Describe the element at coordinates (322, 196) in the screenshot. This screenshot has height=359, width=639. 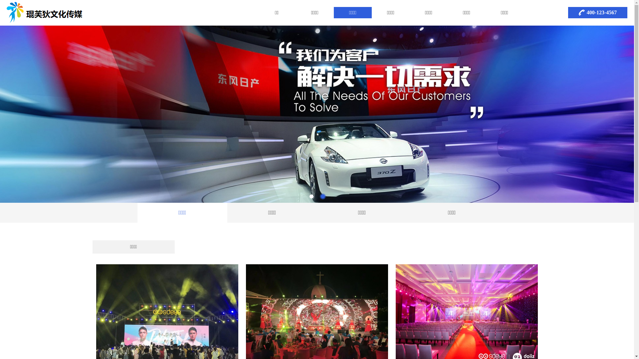
I see `'2'` at that location.